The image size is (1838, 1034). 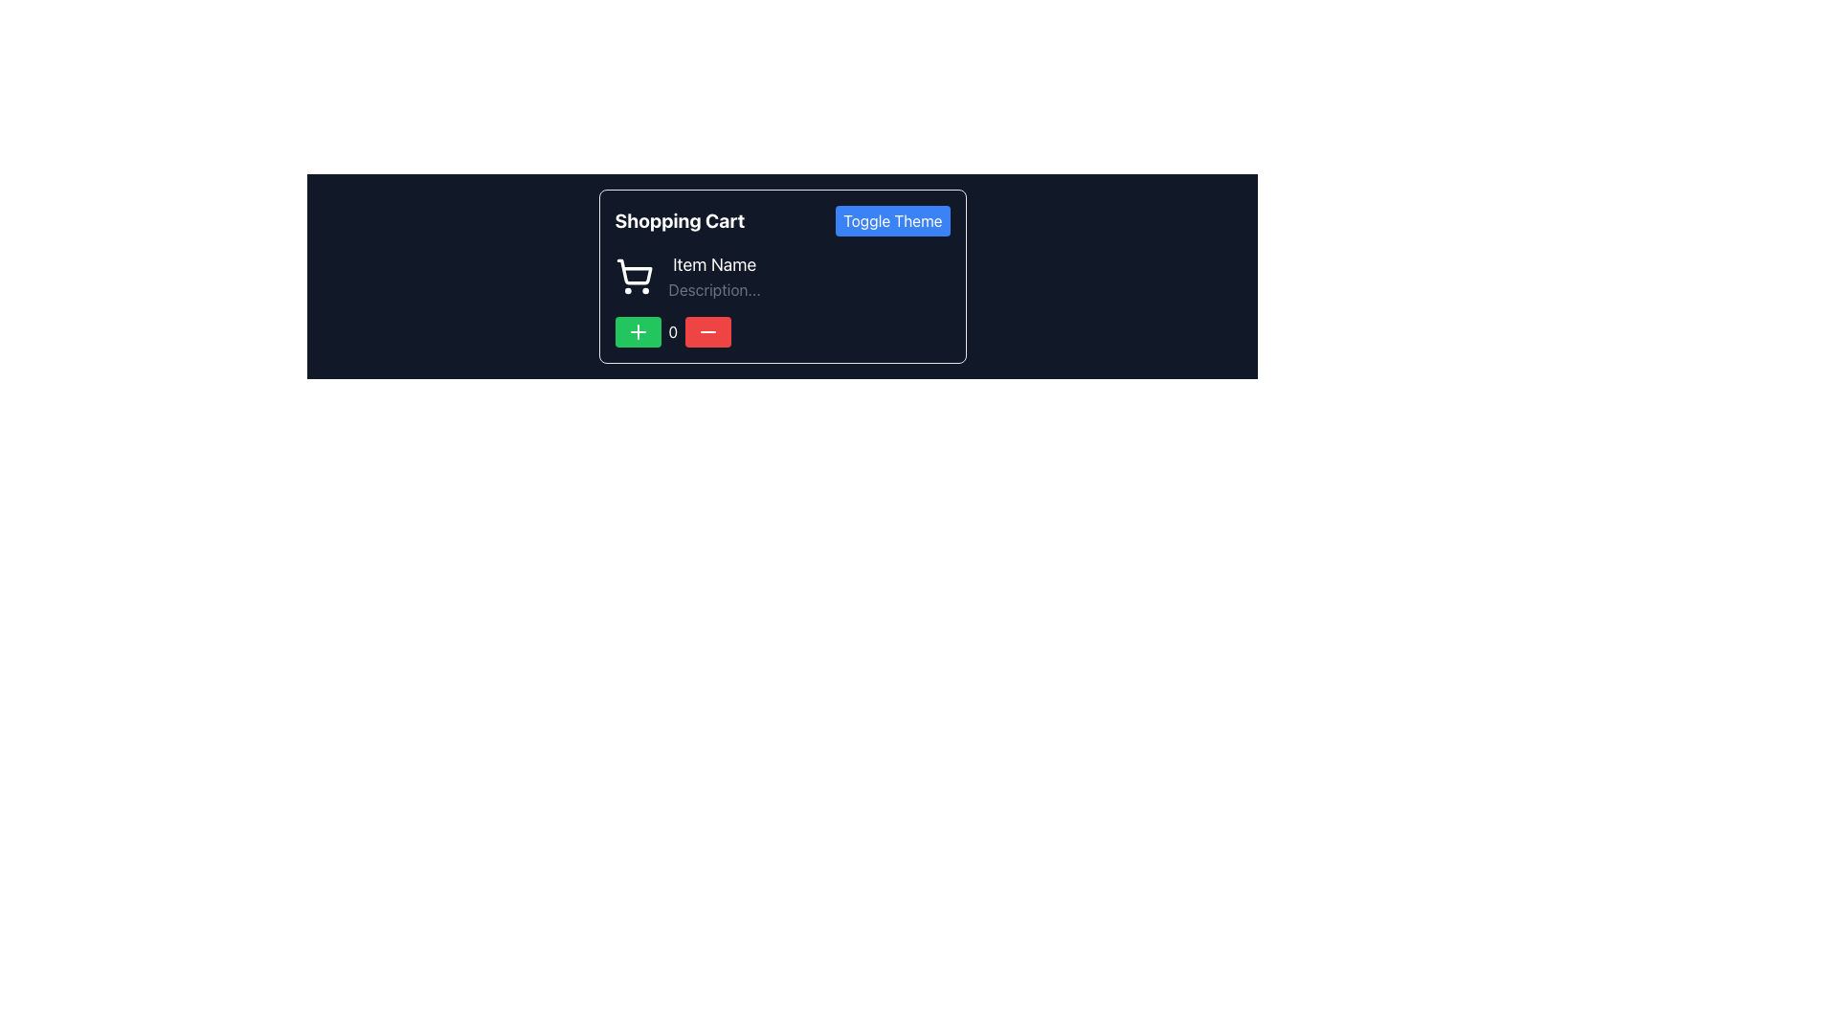 I want to click on the basket structure of the shopping cart icon within the 'Shopping Cart' card, which is styled with a monochromatic scheme and is located in the central upper region of the interface, so click(x=634, y=272).